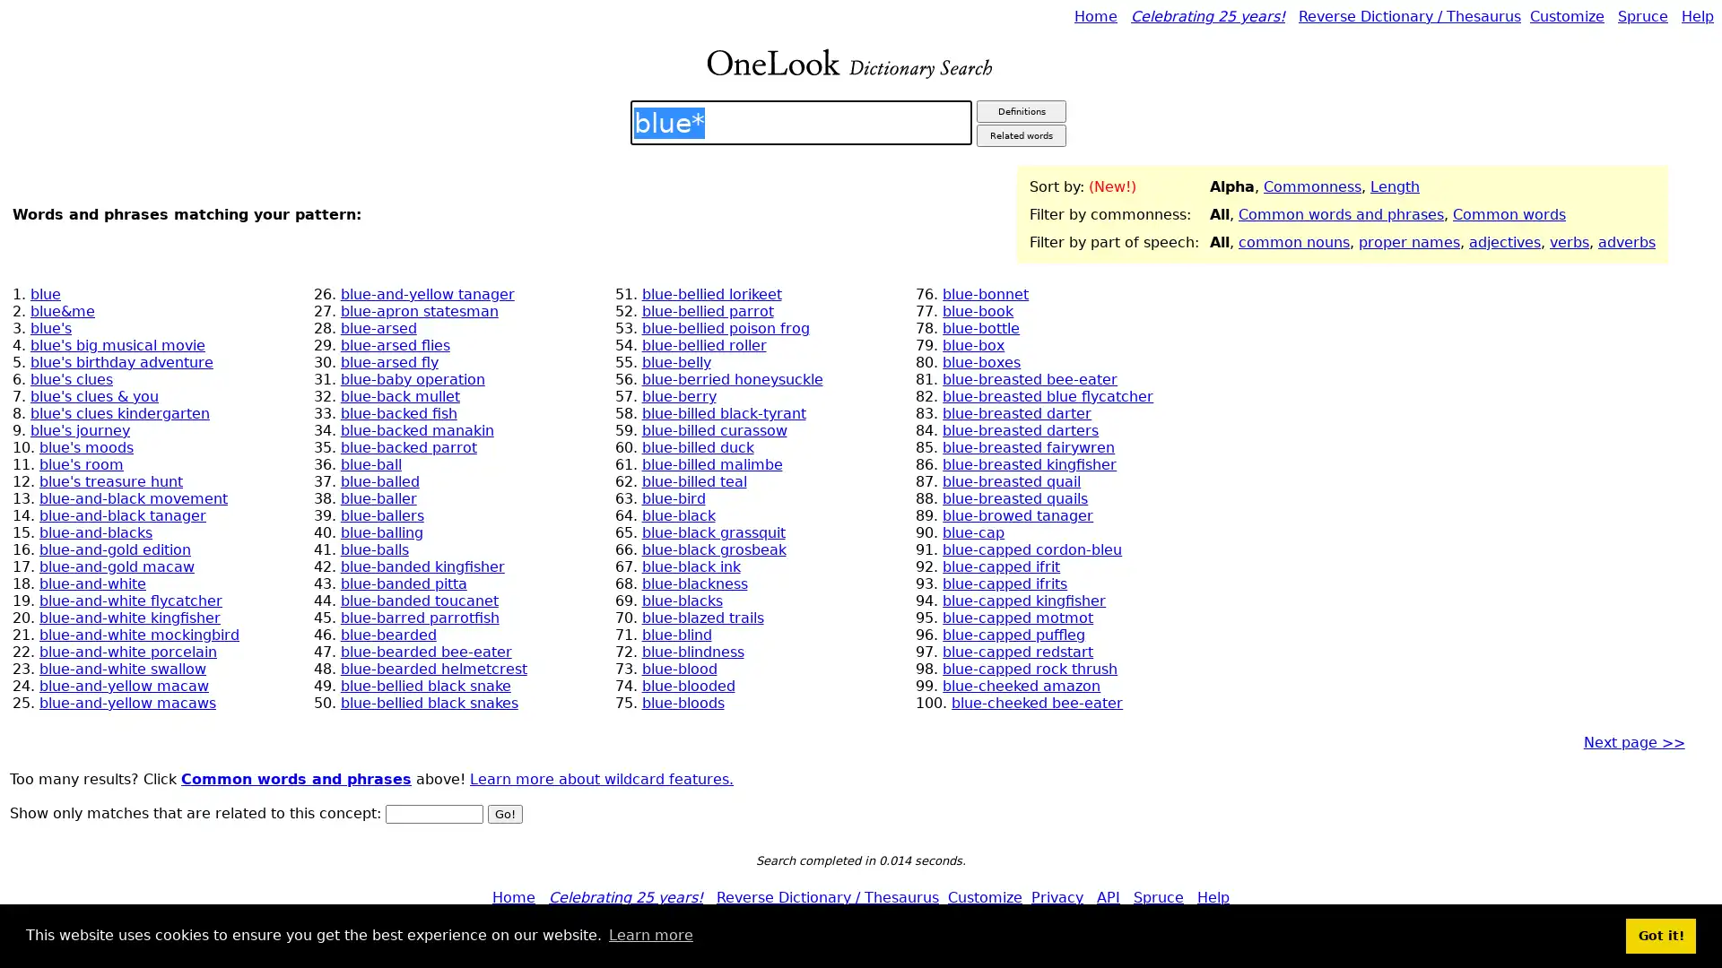 The height and width of the screenshot is (968, 1722). I want to click on Related words, so click(1021, 134).